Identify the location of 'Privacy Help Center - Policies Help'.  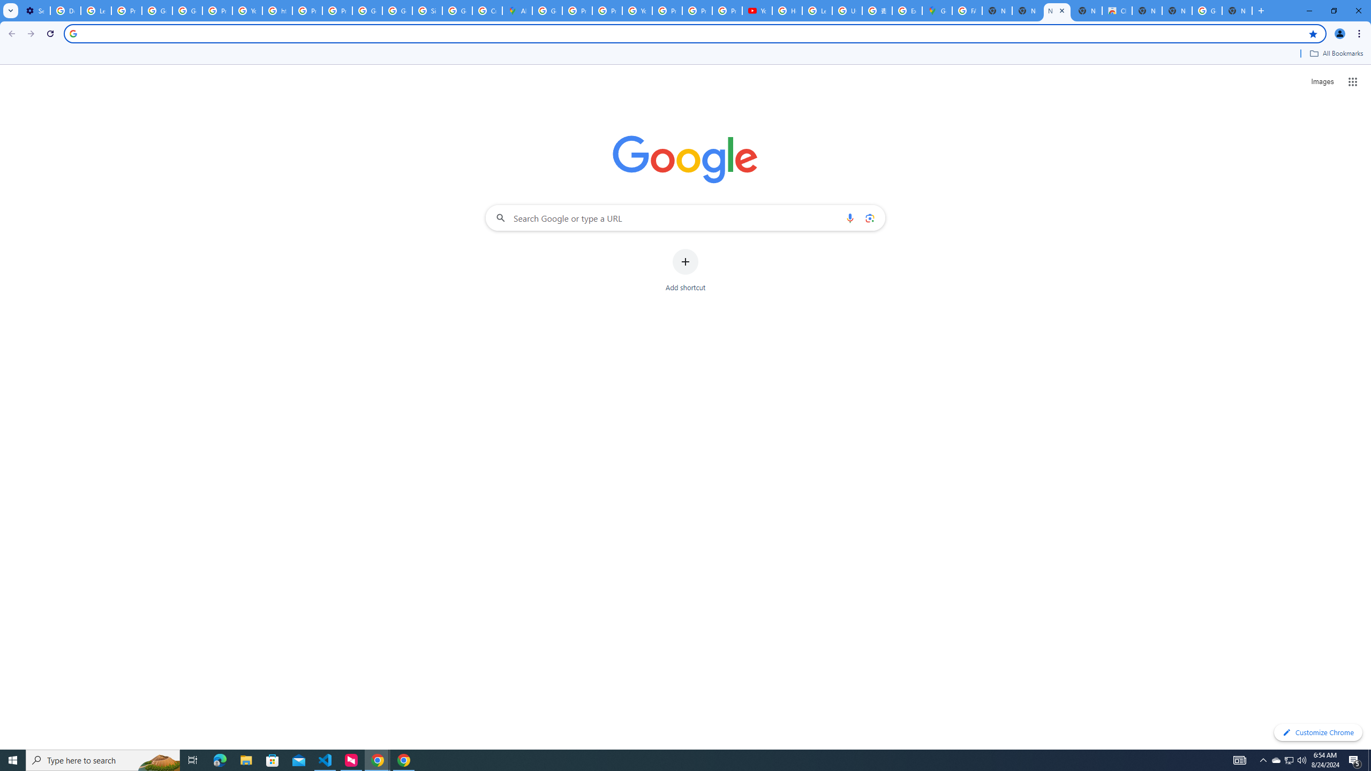
(578, 10).